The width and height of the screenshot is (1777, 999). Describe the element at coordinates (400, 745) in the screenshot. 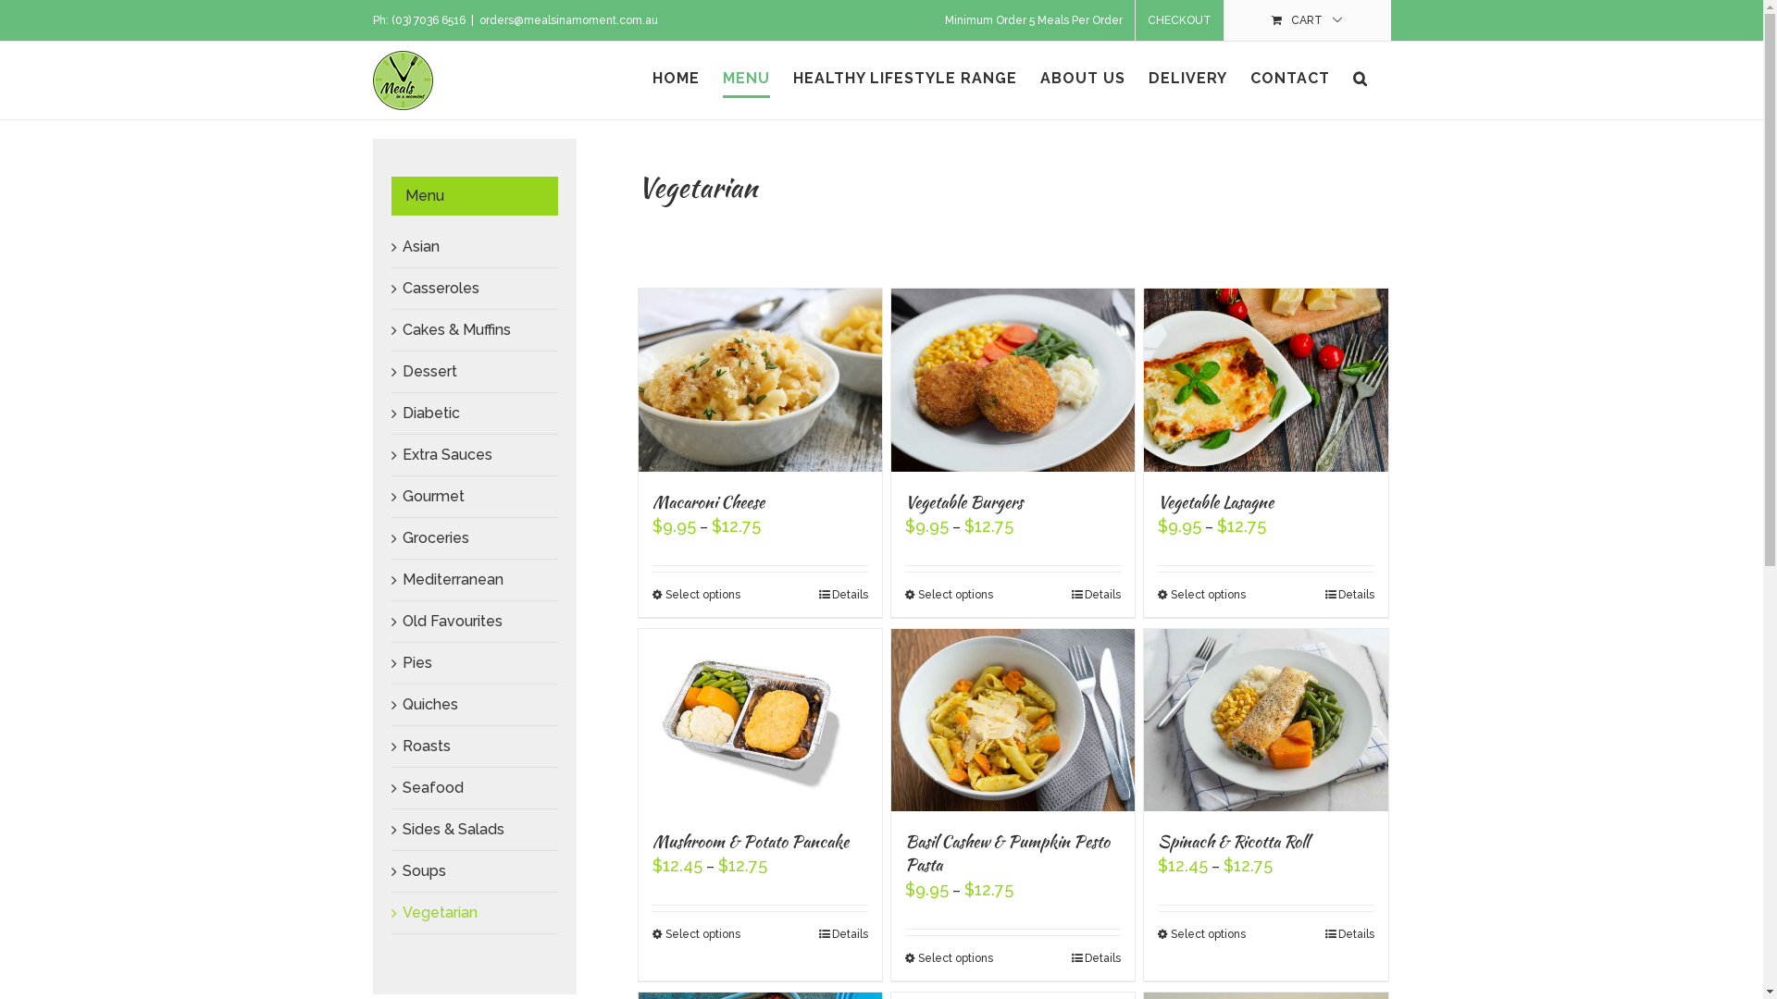

I see `'Roasts'` at that location.